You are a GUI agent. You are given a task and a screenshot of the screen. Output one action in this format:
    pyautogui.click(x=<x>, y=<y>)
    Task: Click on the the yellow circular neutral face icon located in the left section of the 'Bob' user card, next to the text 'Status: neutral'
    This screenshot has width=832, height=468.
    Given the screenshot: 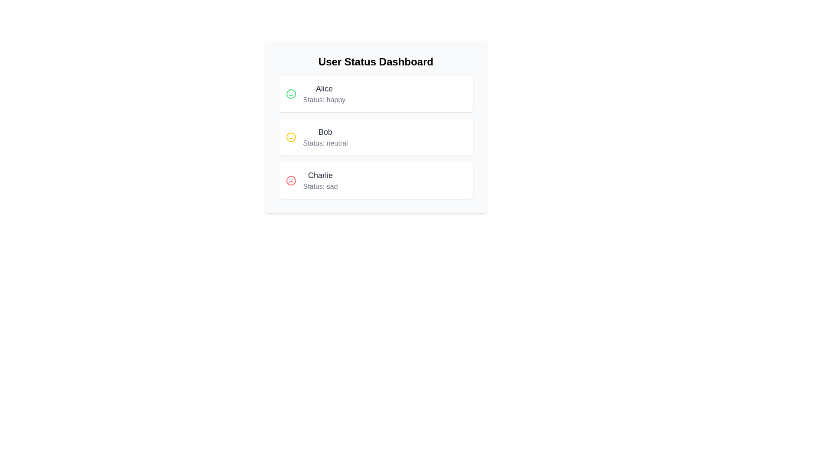 What is the action you would take?
    pyautogui.click(x=291, y=136)
    